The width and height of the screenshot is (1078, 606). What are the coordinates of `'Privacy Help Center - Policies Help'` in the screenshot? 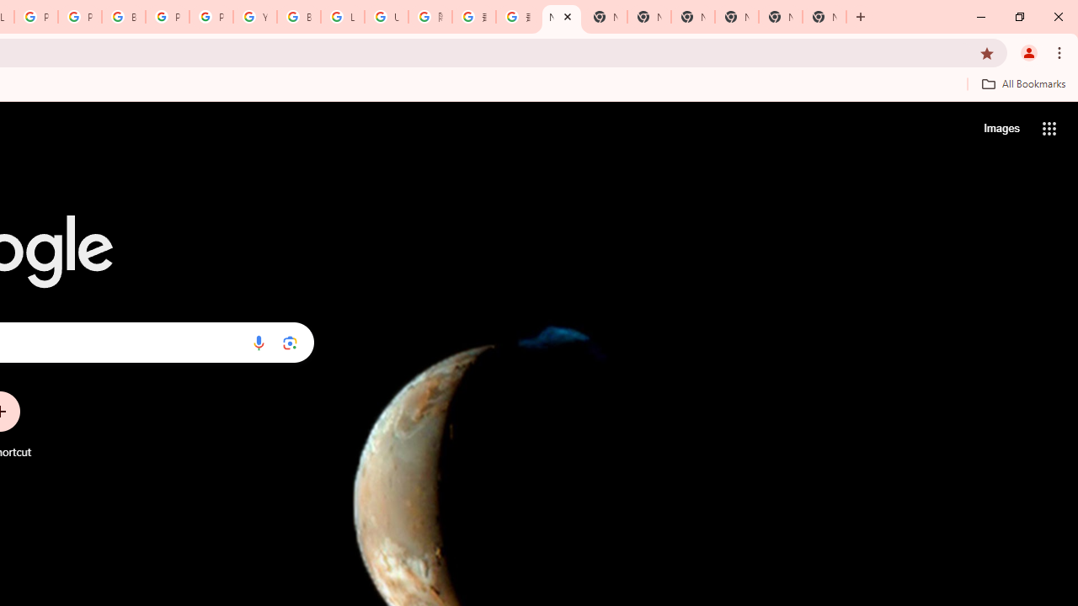 It's located at (35, 17).